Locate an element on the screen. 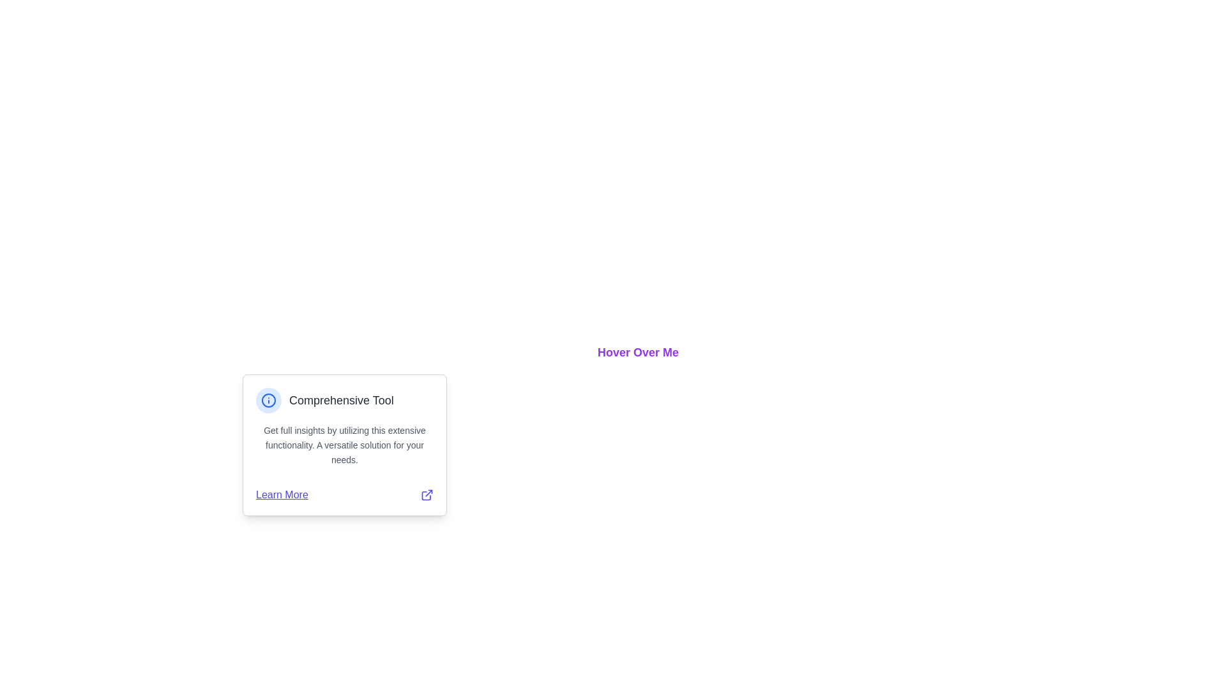 Image resolution: width=1226 pixels, height=690 pixels. the hyperlink styled text 'Hover Over Me' located in the middle-right of the interface is located at coordinates (638, 352).